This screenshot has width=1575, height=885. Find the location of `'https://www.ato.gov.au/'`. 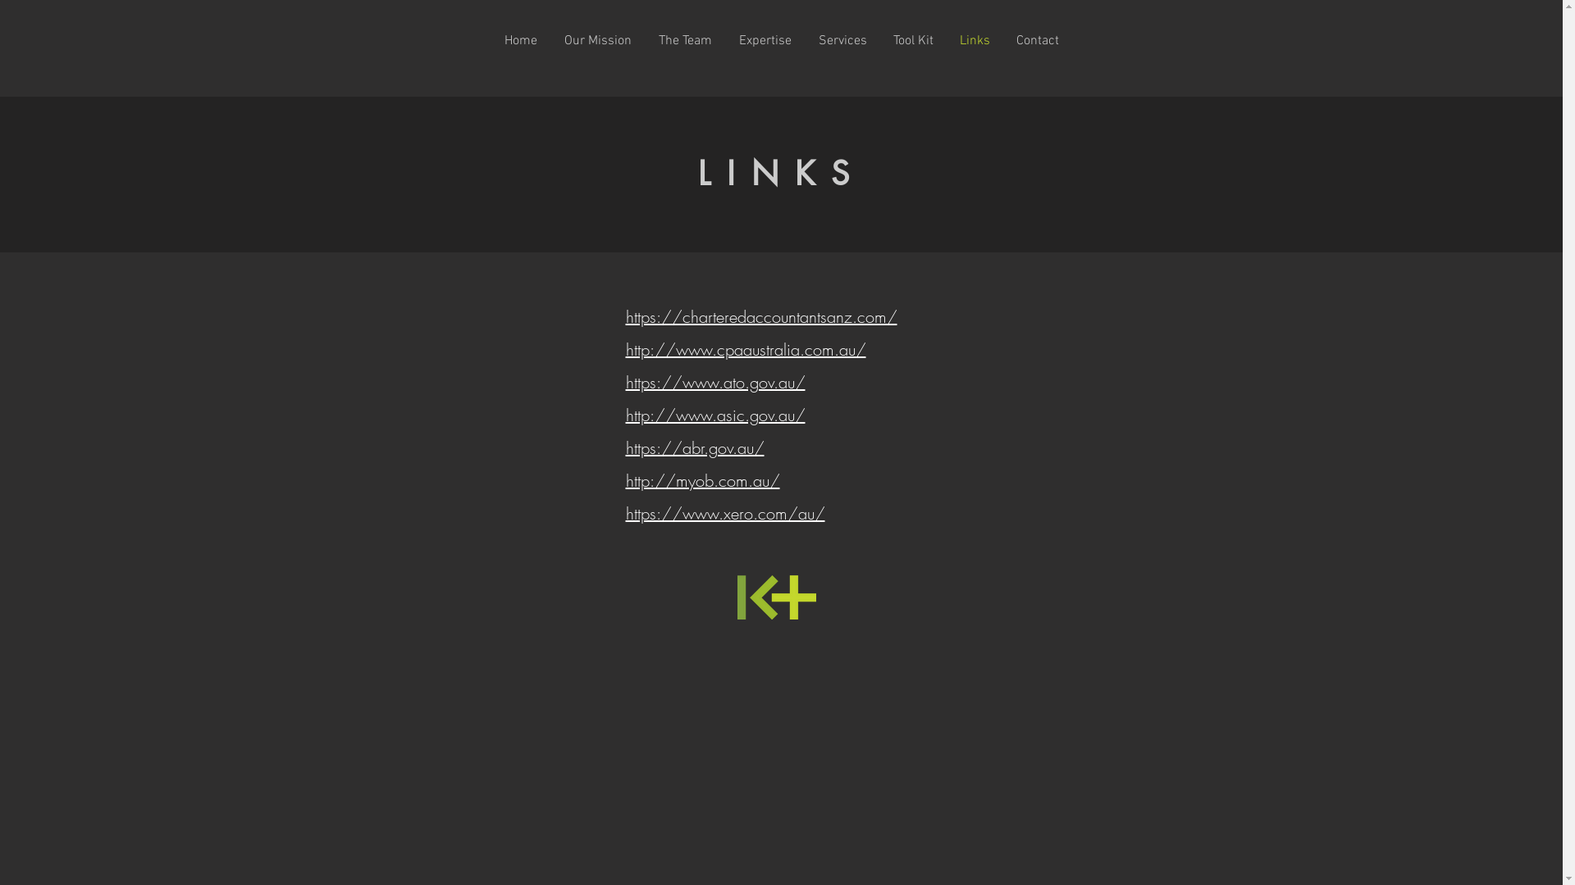

'https://www.ato.gov.au/' is located at coordinates (714, 382).